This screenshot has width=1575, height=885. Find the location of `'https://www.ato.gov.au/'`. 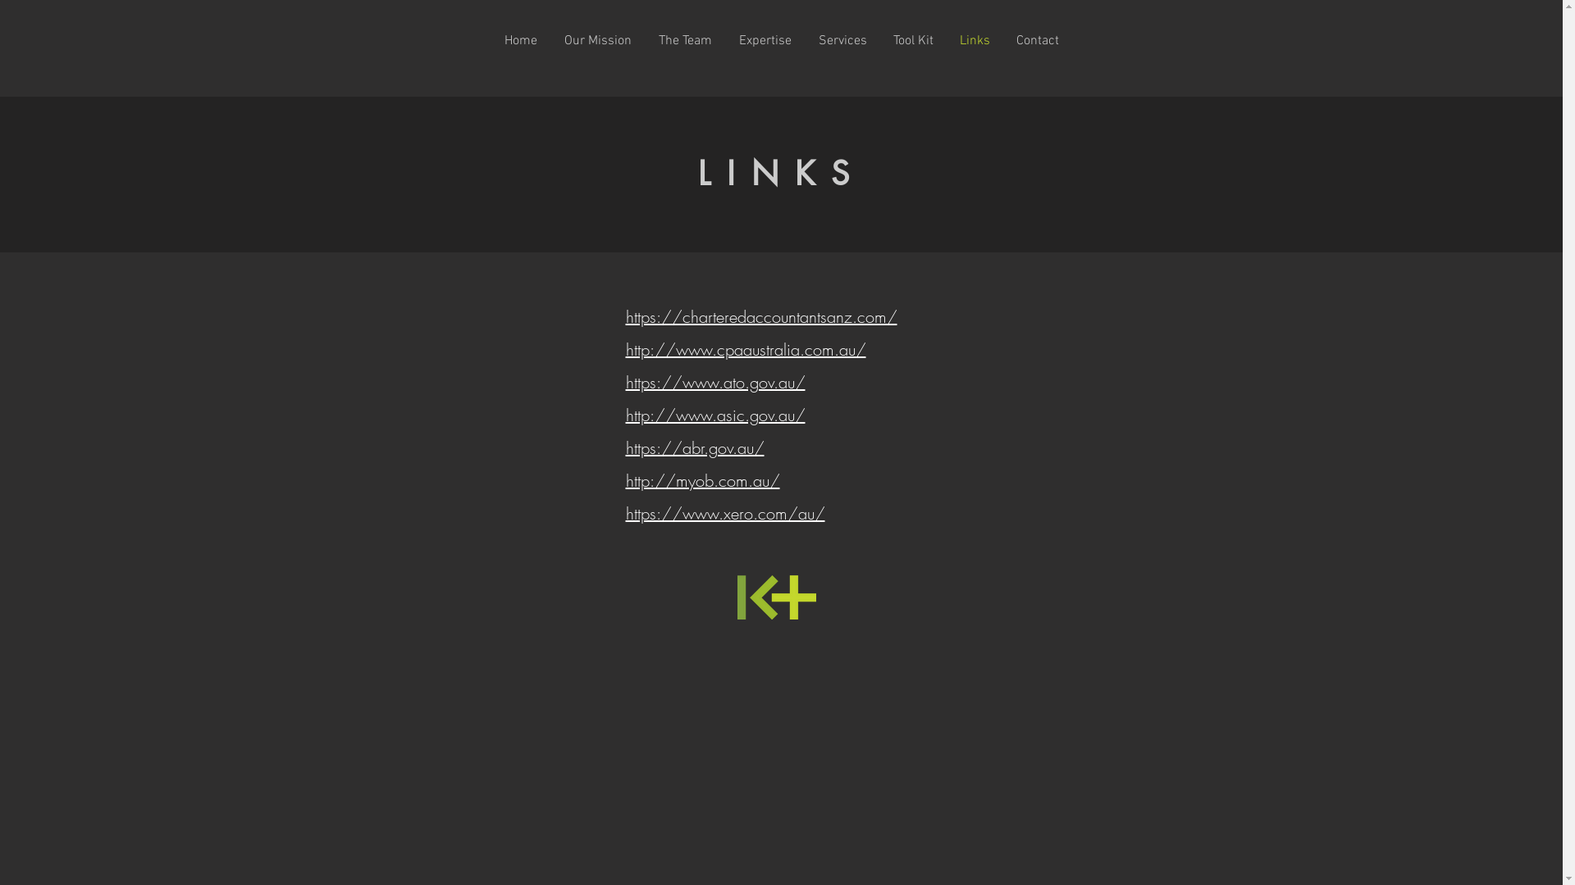

'https://www.ato.gov.au/' is located at coordinates (714, 382).